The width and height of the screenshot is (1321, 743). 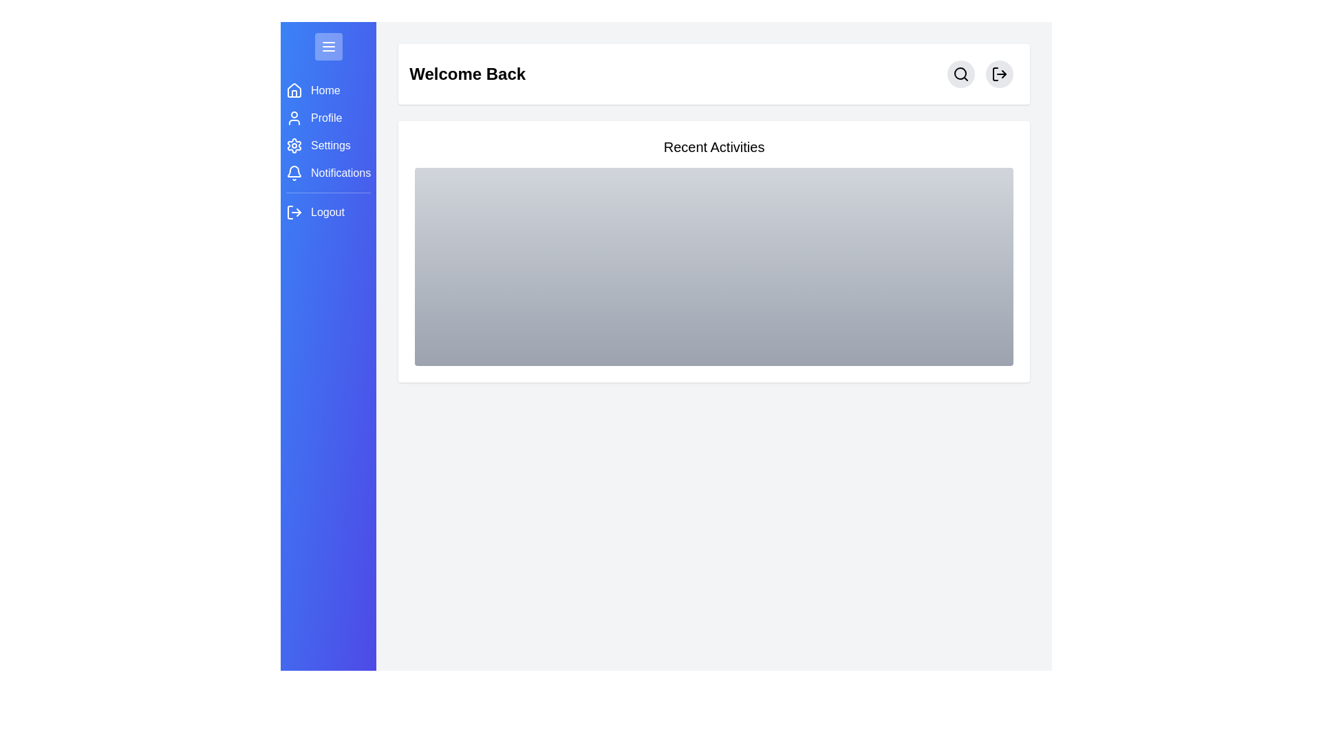 I want to click on the 'Settings' text label, which is styled in white sans-serif font and located in the vertical navigation menu next to a gear icon, so click(x=330, y=146).